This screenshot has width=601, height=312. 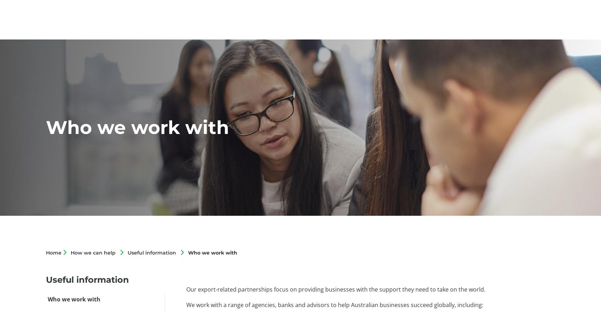 I want to click on 'We have a range of', so click(x=212, y=306).